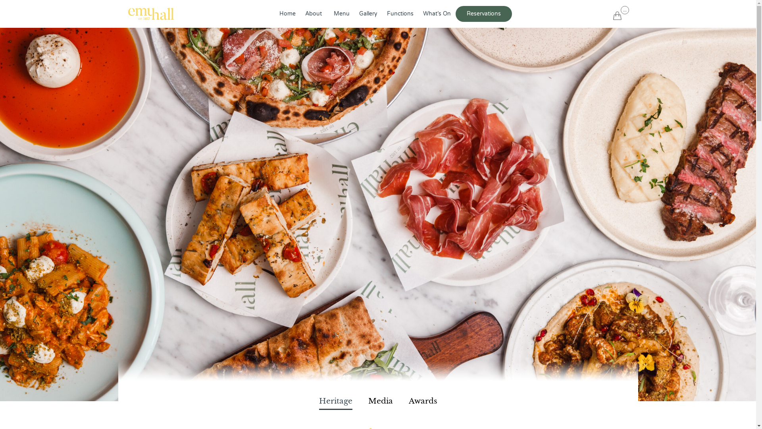 The height and width of the screenshot is (429, 762). What do you see at coordinates (368, 14) in the screenshot?
I see `'Gallery'` at bounding box center [368, 14].